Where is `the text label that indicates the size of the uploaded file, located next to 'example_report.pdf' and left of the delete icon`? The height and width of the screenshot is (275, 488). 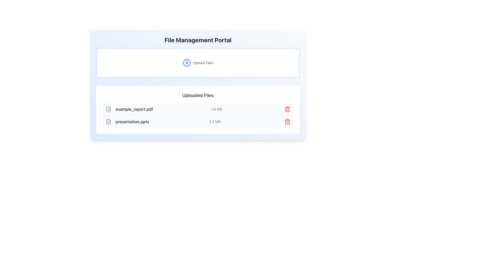 the text label that indicates the size of the uploaded file, located next to 'example_report.pdf' and left of the delete icon is located at coordinates (217, 109).